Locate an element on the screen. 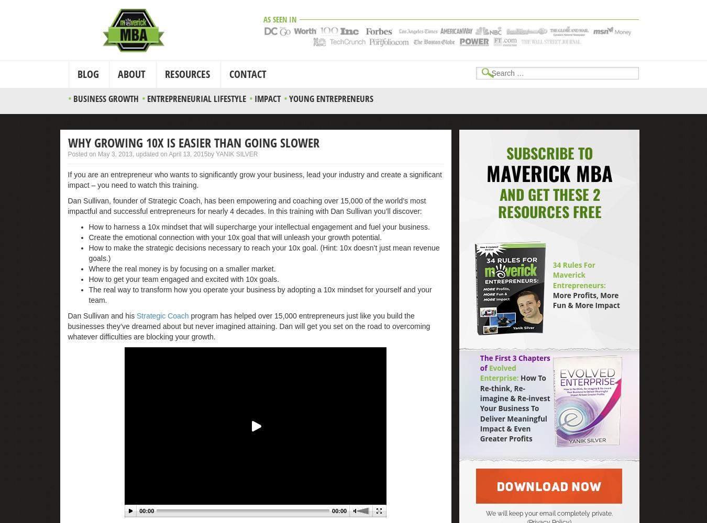 This screenshot has width=707, height=523. 'How to make the strategic decisions necessary to reach your 10x goal. (Hint: 10x doesn’t just mean revenue goals.)' is located at coordinates (89, 252).